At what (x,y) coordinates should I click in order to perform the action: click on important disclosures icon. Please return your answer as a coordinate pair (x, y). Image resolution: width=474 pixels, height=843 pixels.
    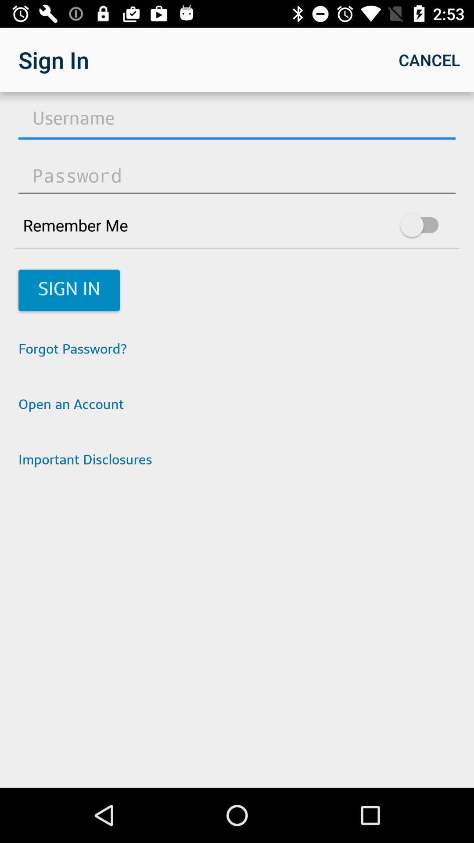
    Looking at the image, I should click on (237, 461).